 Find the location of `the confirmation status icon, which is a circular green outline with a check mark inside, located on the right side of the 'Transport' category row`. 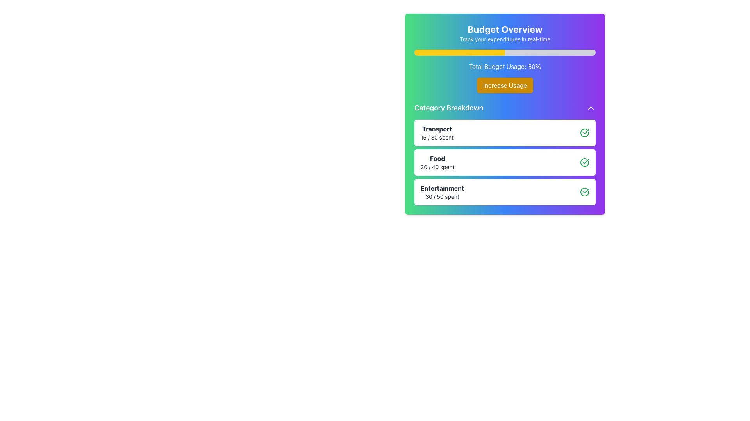

the confirmation status icon, which is a circular green outline with a check mark inside, located on the right side of the 'Transport' category row is located at coordinates (585, 132).